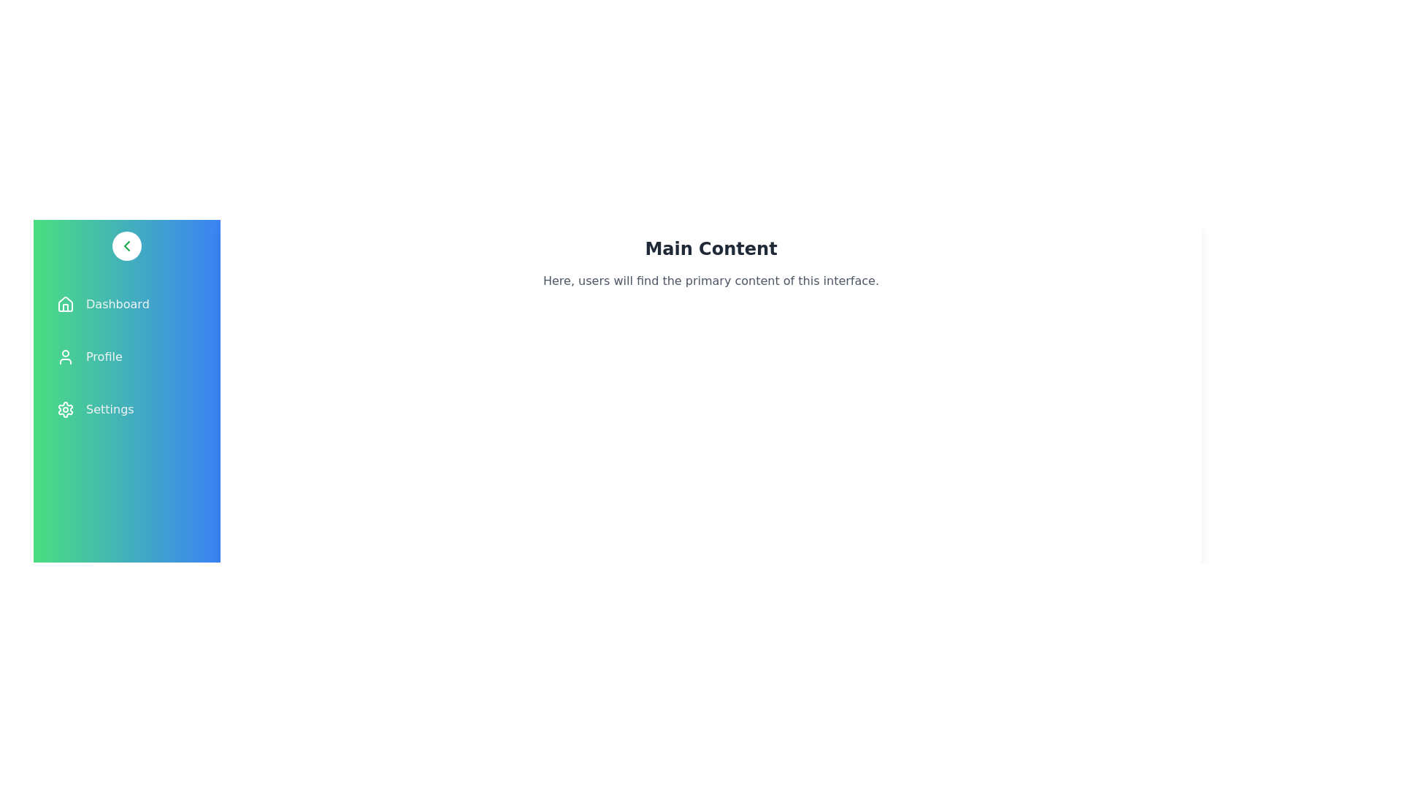 This screenshot has width=1402, height=789. I want to click on the menu item Settings to observe the hover effect, so click(126, 409).